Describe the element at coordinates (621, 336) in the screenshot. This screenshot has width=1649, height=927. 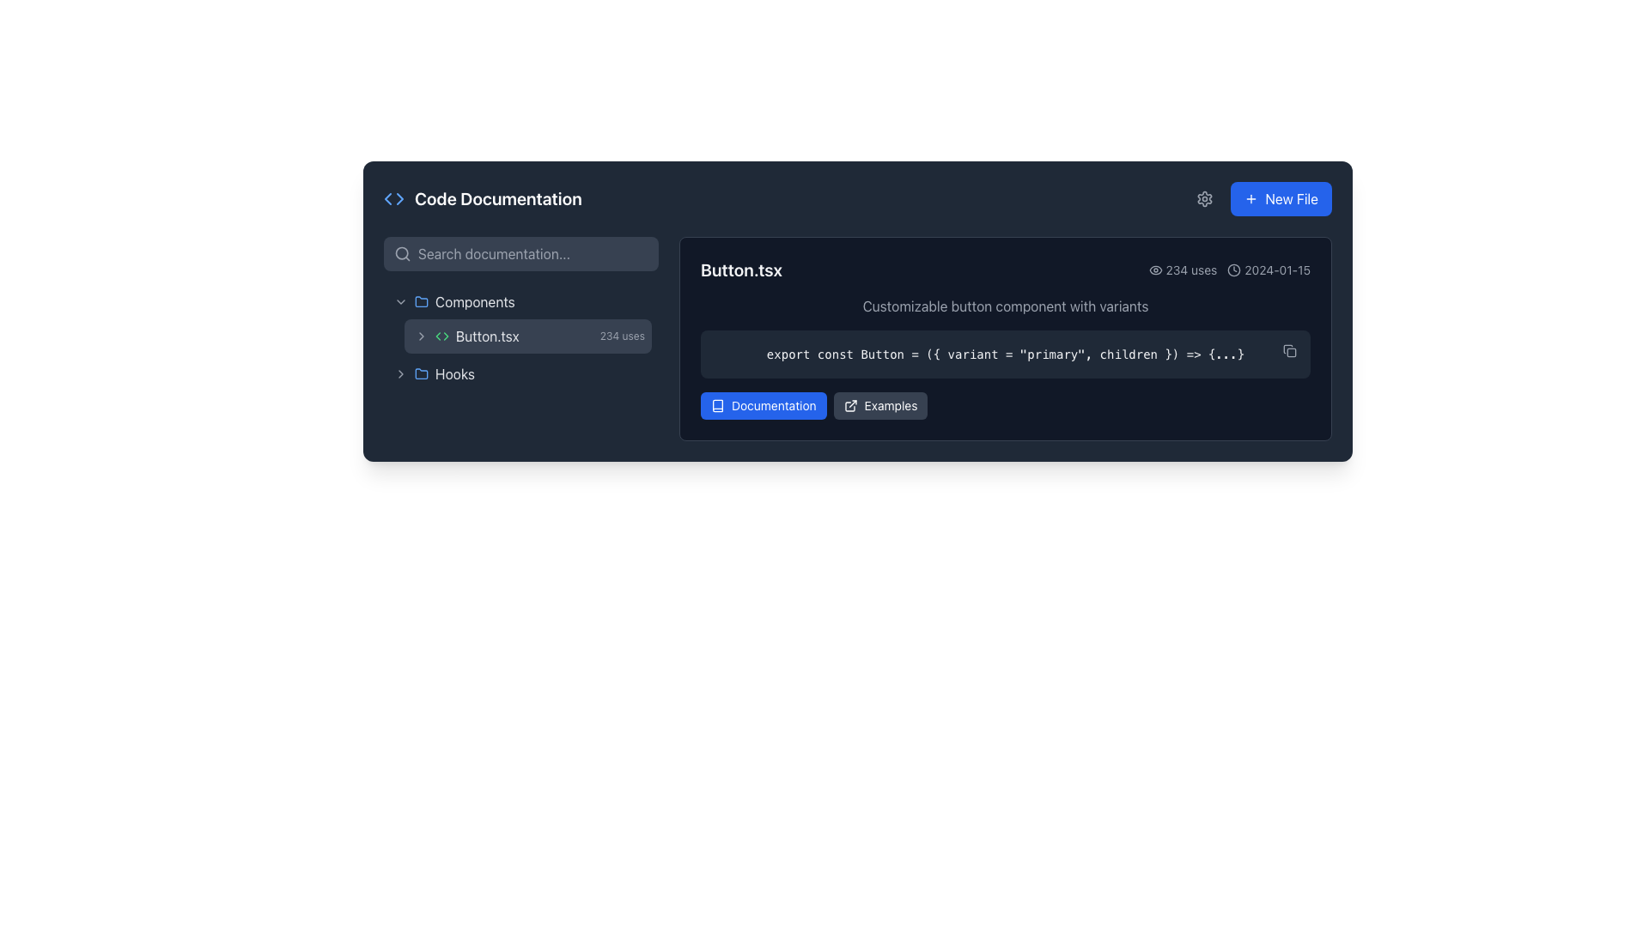
I see `the text label displaying '234 uses', which is located on the right-hand side of the 'Button.tsx' list entry in the navigation menu` at that location.